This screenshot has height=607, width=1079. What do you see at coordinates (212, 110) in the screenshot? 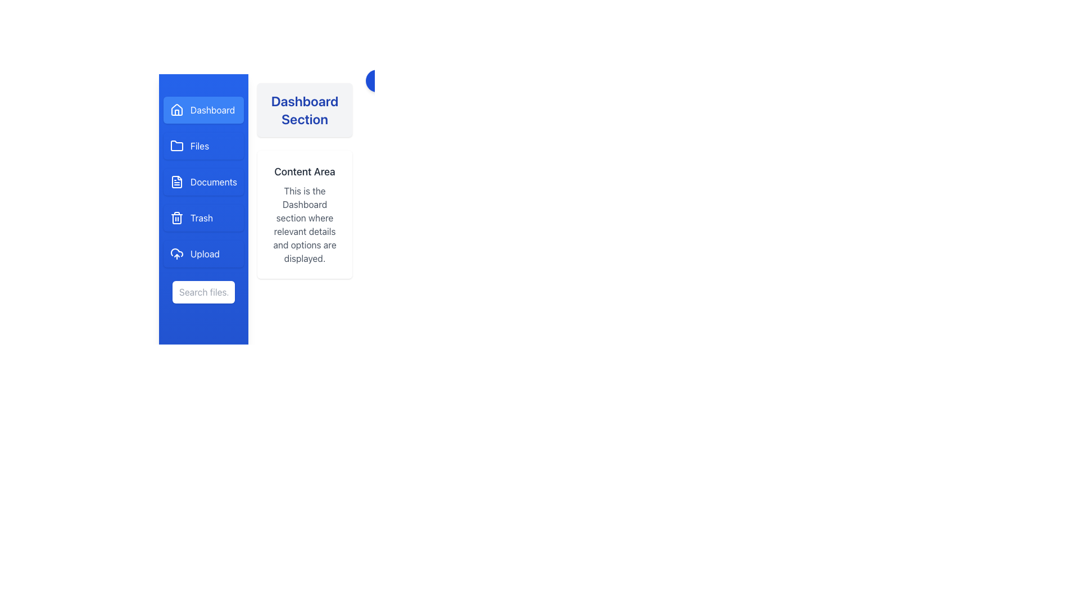
I see `text content of the 'Dashboard' label, which is displayed in white on a blue background within the vertical navigation bar on the left side of the interface` at bounding box center [212, 110].